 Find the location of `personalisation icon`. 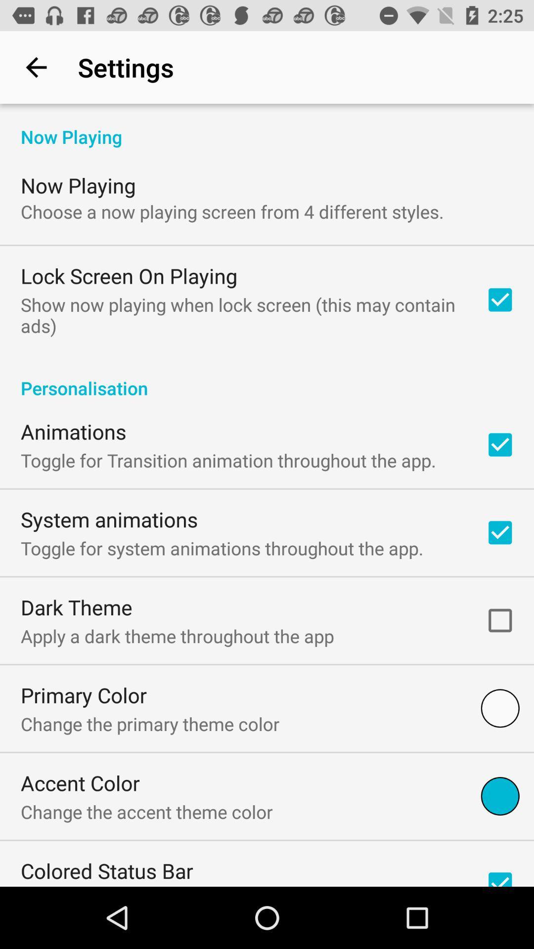

personalisation icon is located at coordinates (267, 377).